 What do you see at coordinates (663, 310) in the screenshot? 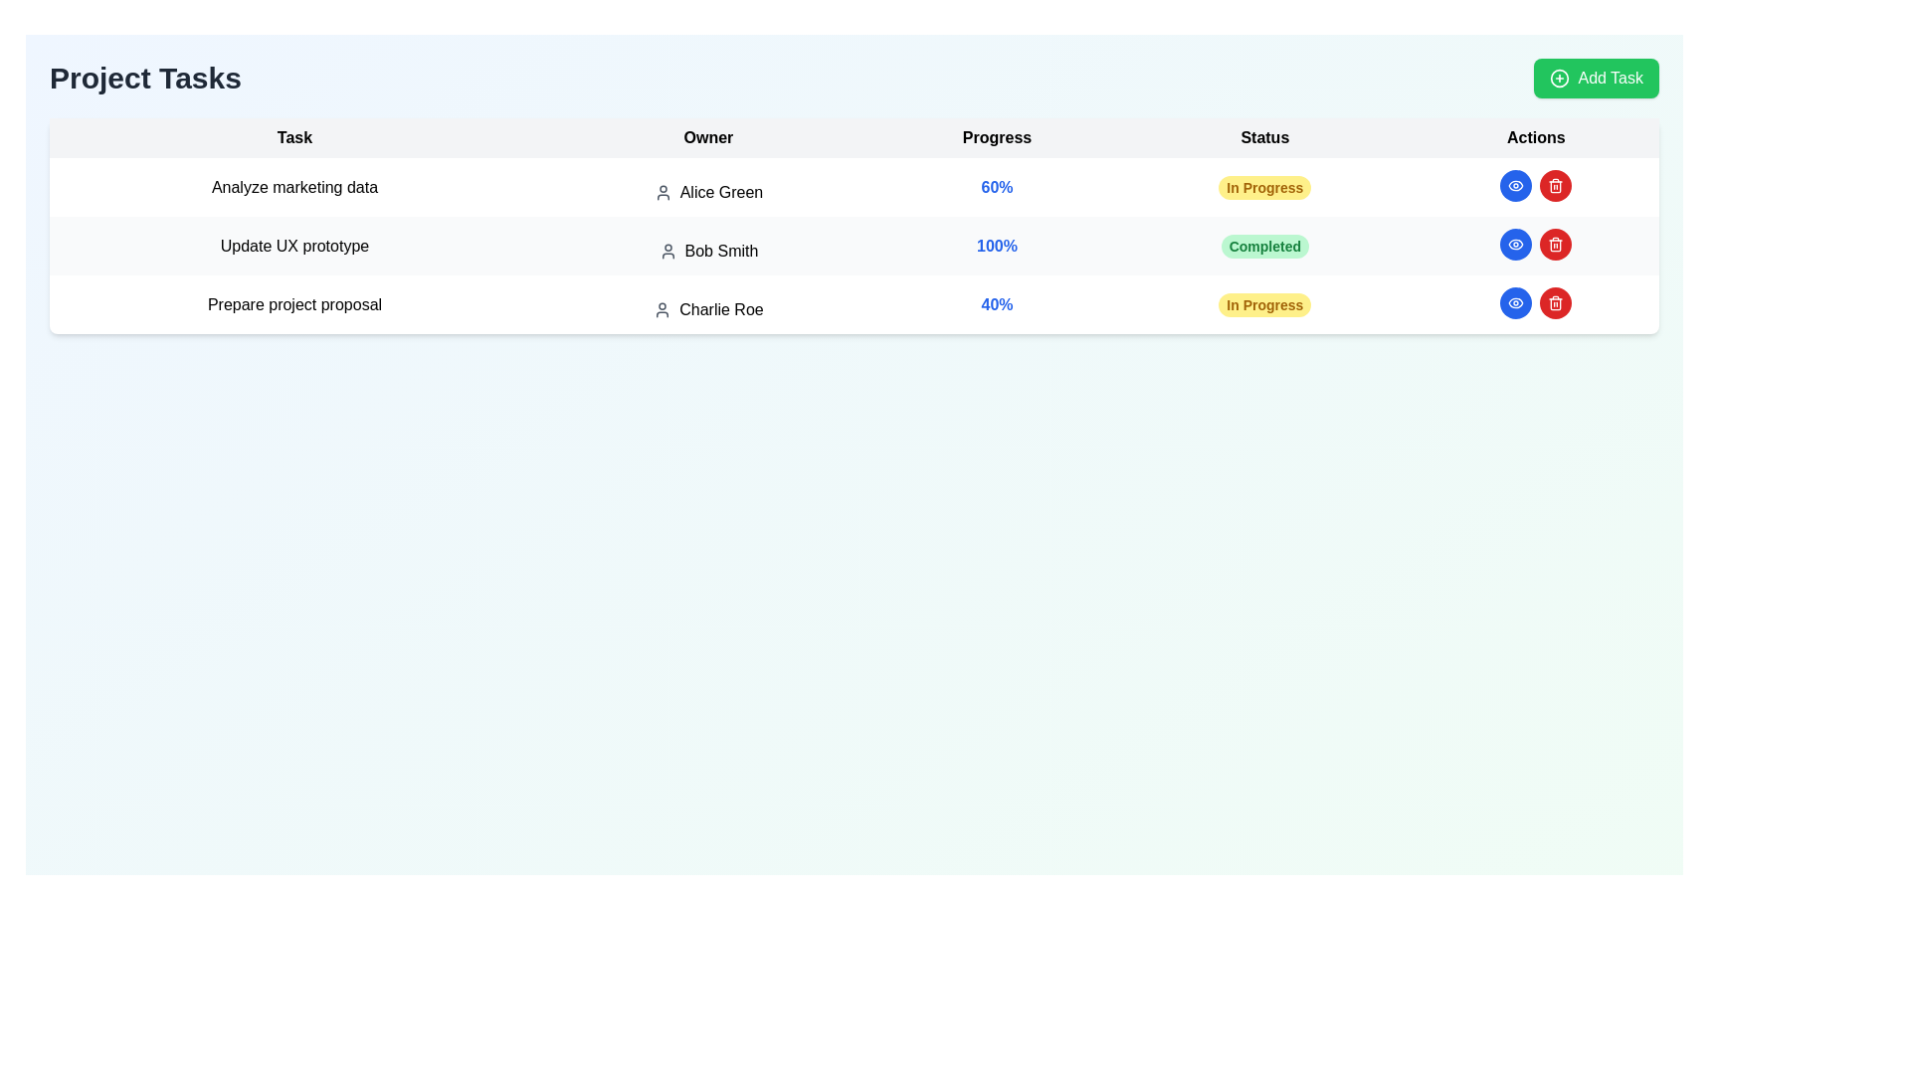
I see `the visual indicator icon located in the 'Owner' column next to 'Charlie Roe' for the task 'Prepare project proposal'` at bounding box center [663, 310].